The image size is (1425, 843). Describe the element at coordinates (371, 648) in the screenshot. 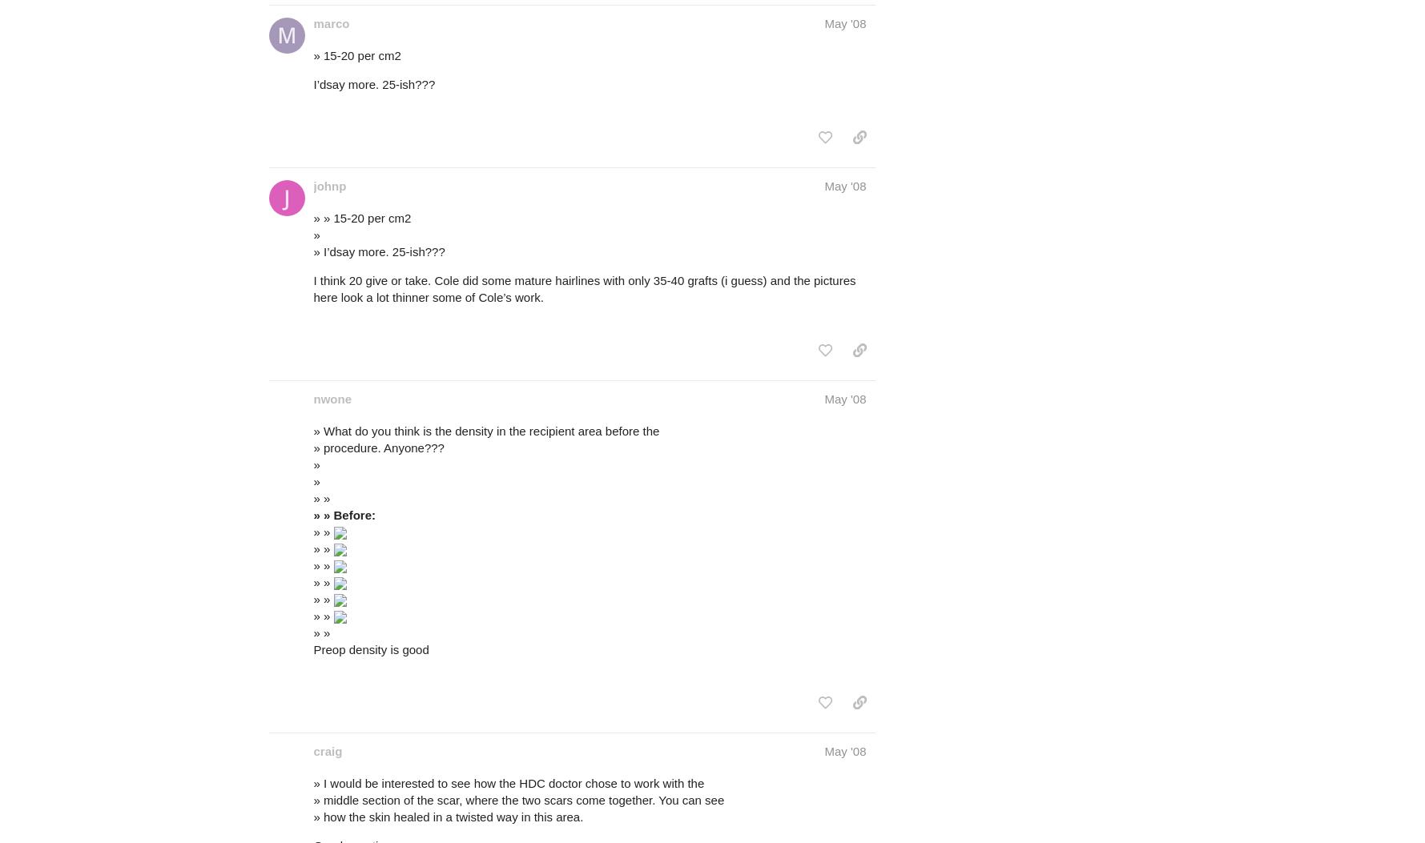

I see `'Preop density is good'` at that location.